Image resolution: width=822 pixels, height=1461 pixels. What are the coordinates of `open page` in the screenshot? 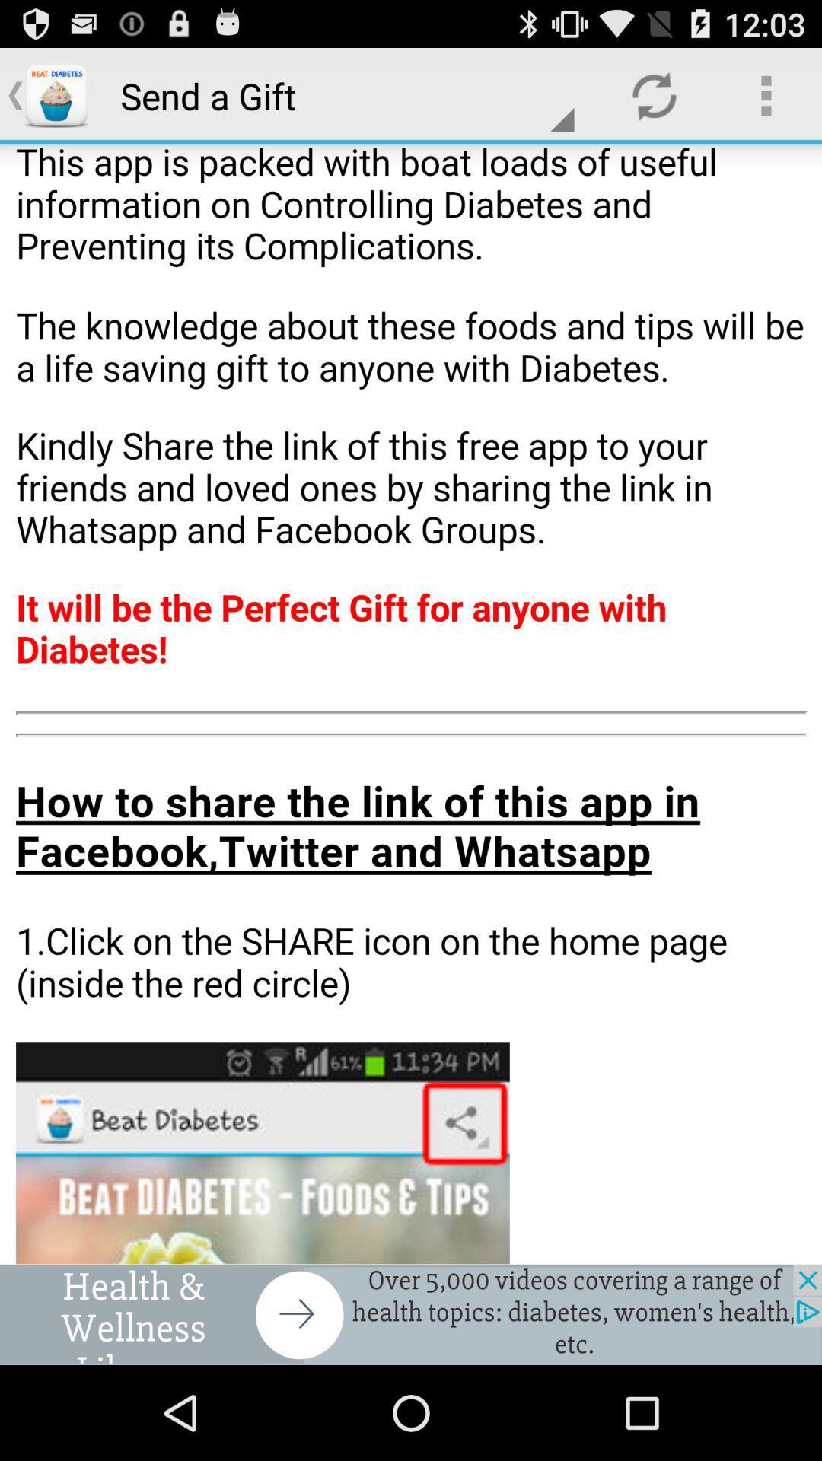 It's located at (411, 703).